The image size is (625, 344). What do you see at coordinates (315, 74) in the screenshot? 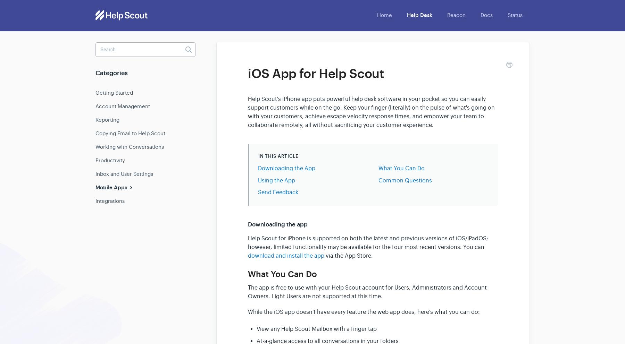
I see `'iOS App for Help Scout'` at bounding box center [315, 74].